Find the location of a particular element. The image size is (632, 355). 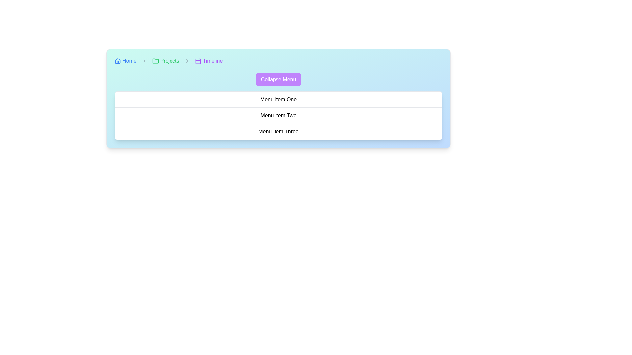

the 'Projects' hyperlink with a green folder icon is located at coordinates (166, 61).